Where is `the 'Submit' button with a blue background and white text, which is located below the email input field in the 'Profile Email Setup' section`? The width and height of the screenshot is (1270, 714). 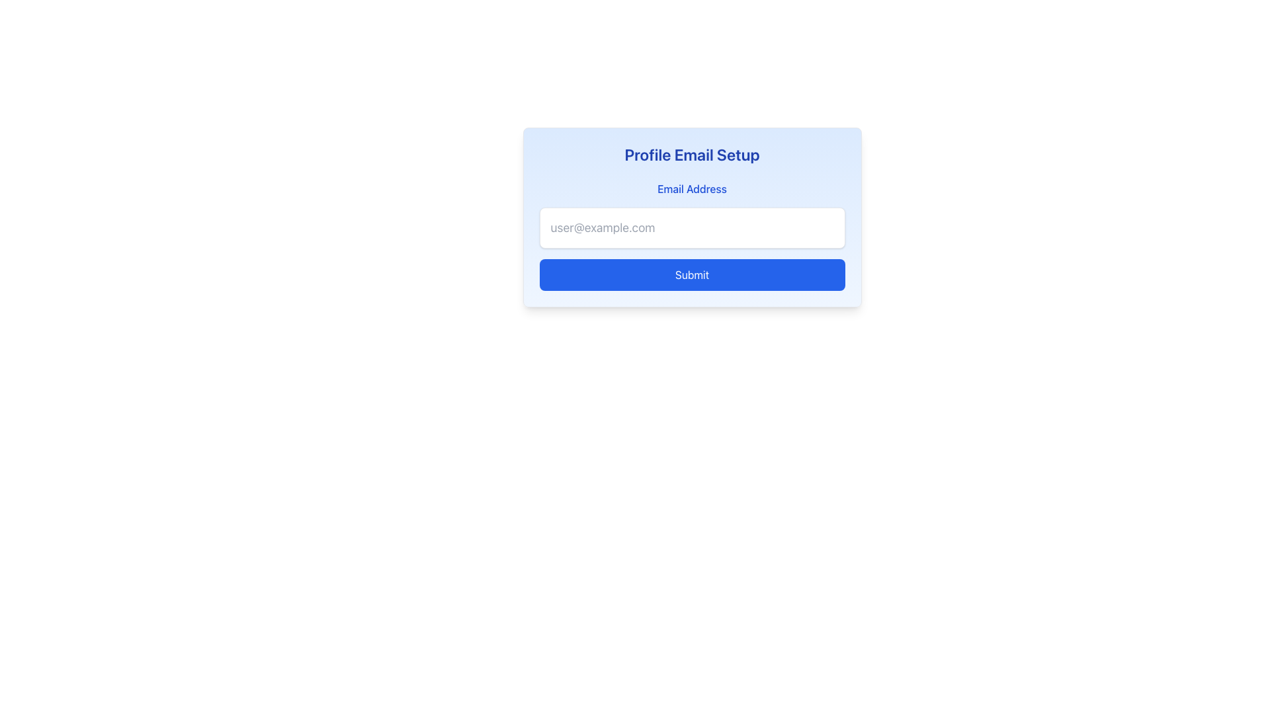 the 'Submit' button with a blue background and white text, which is located below the email input field in the 'Profile Email Setup' section is located at coordinates (691, 274).